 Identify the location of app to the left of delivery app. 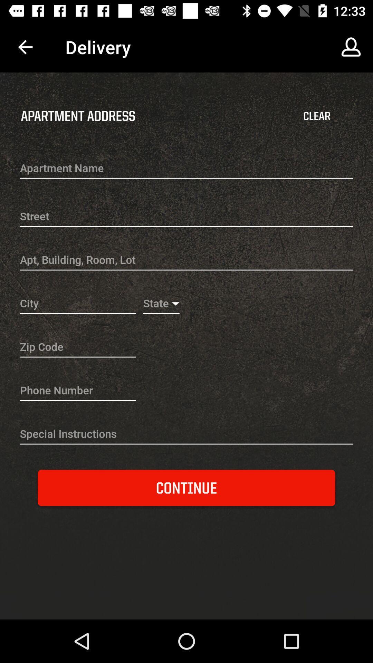
(25, 47).